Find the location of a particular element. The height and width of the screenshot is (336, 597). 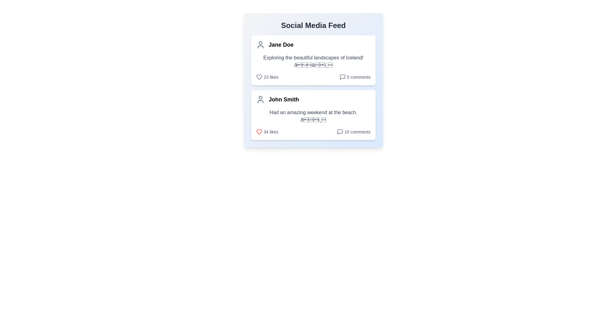

the '23 likes' button for Jane Doe's post to view the number of likes is located at coordinates (267, 77).